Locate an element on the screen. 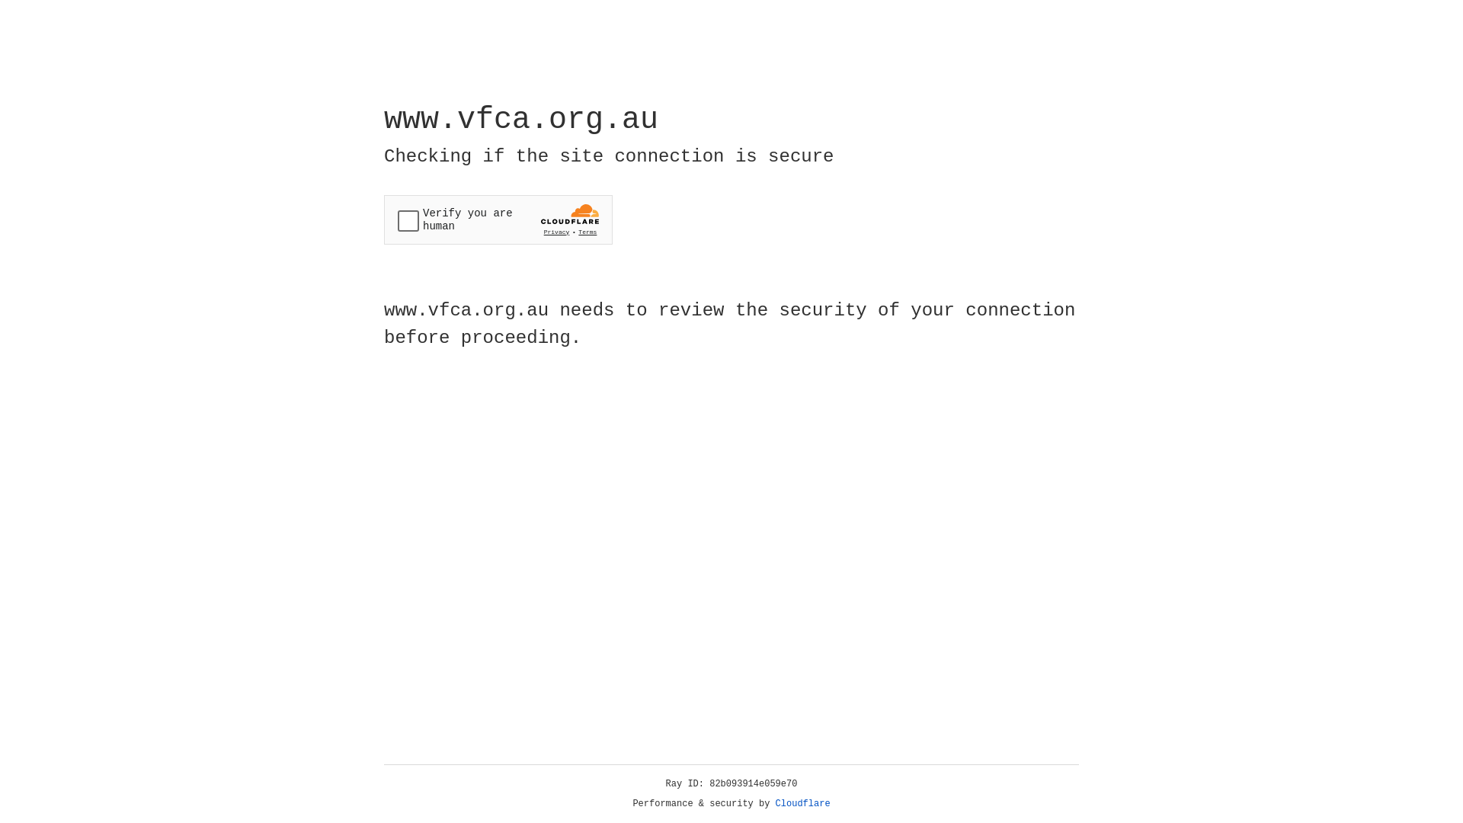 This screenshot has height=823, width=1463. 'Cloudflare' is located at coordinates (802, 803).